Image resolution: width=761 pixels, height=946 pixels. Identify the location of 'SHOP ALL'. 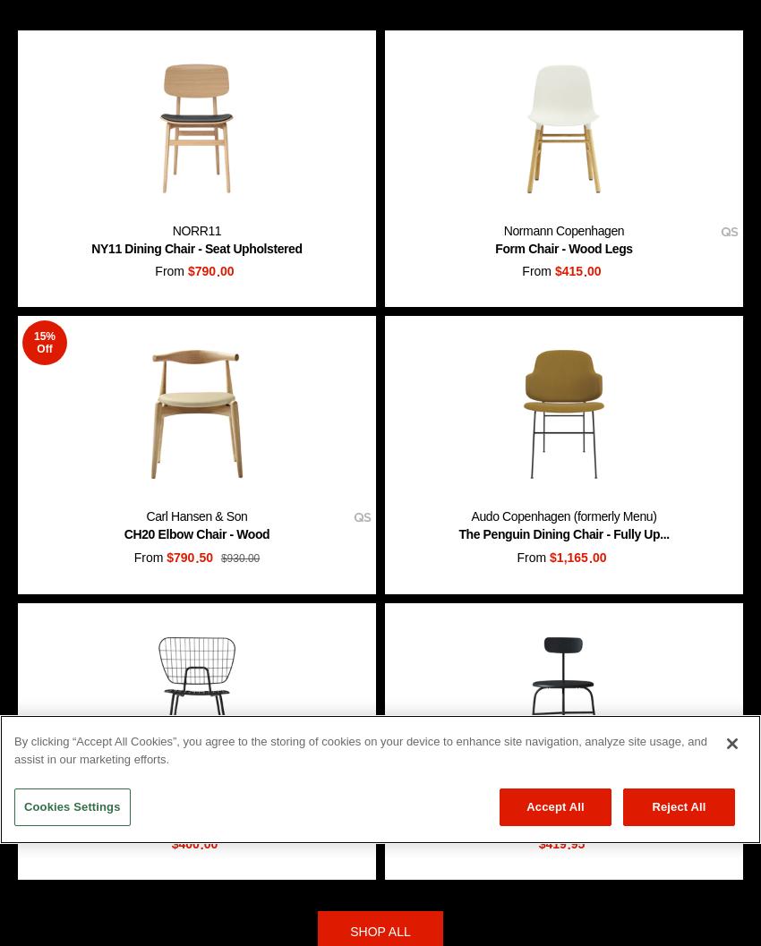
(380, 929).